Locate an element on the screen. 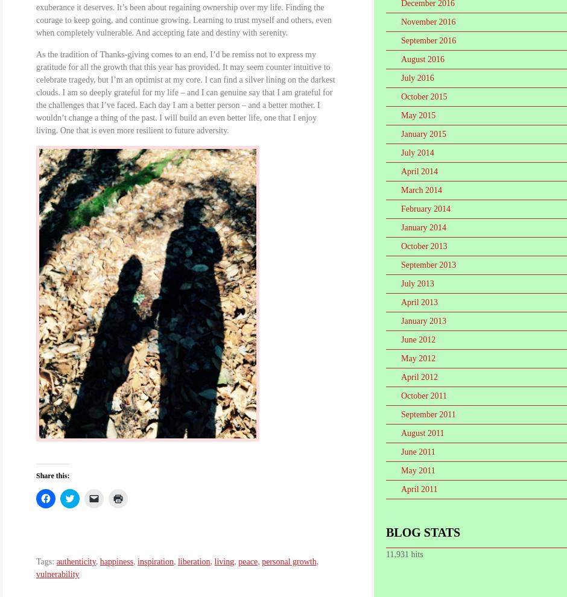 Image resolution: width=567 pixels, height=597 pixels. 'June 2011' is located at coordinates (417, 452).